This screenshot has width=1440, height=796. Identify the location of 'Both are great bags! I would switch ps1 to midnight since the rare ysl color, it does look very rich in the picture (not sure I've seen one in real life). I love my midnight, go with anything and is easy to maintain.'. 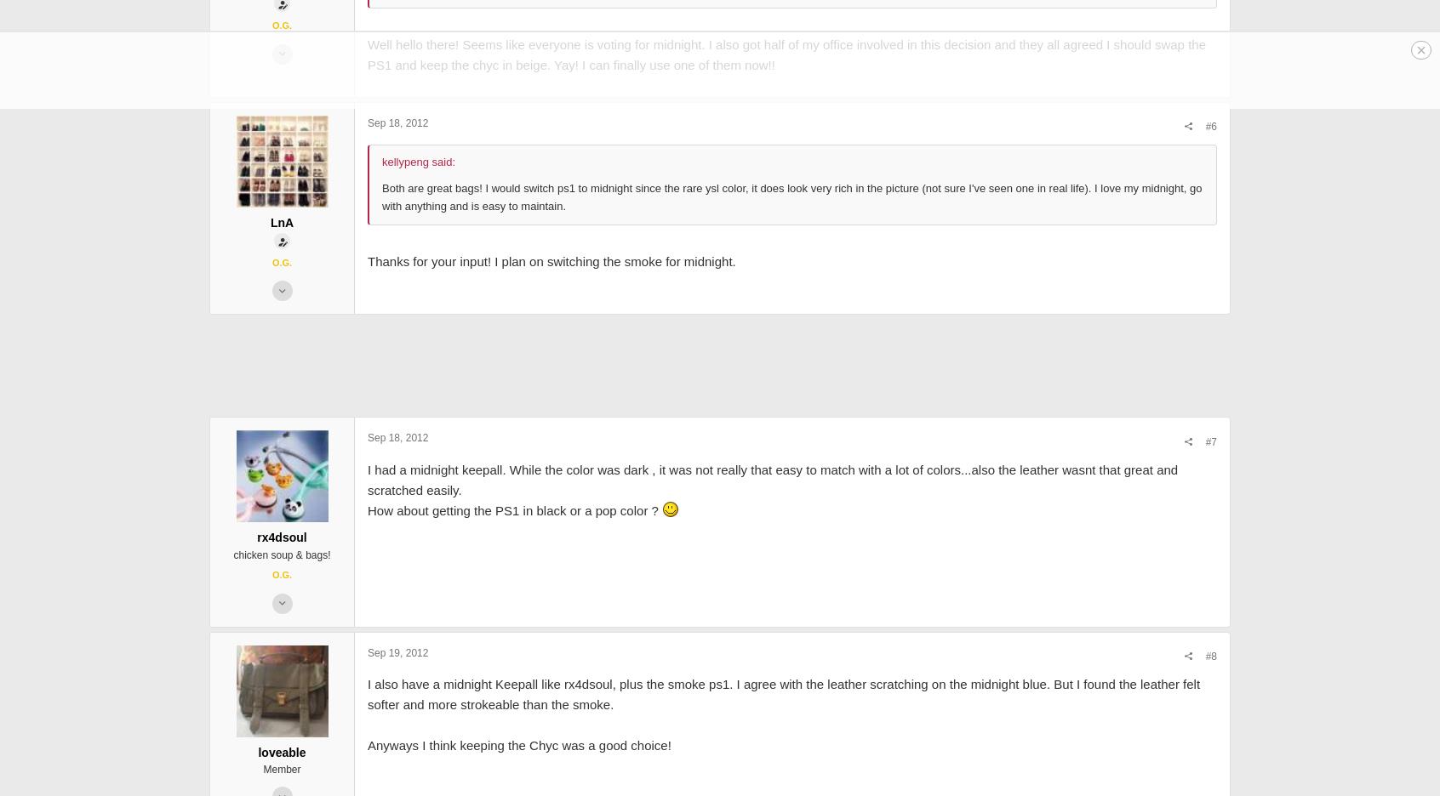
(649, 318).